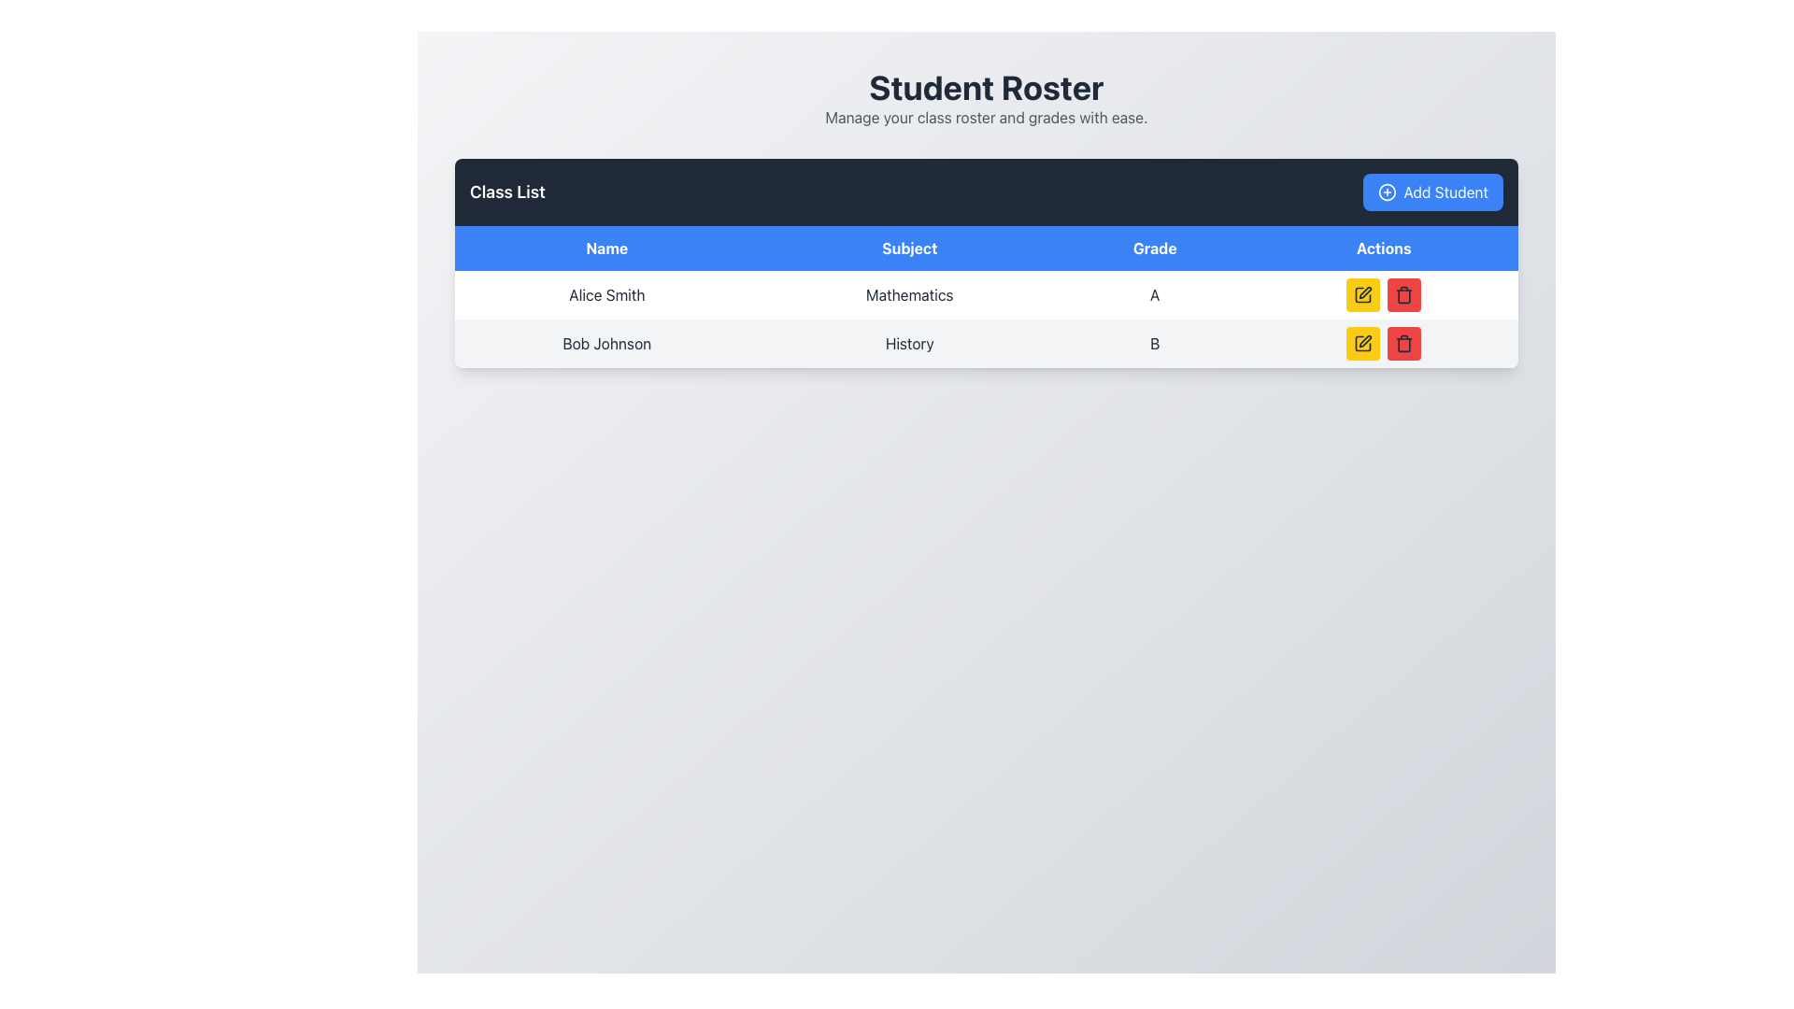 The image size is (1794, 1009). What do you see at coordinates (1403, 294) in the screenshot?
I see `the trash can icon button located in the last column of the second row in the table` at bounding box center [1403, 294].